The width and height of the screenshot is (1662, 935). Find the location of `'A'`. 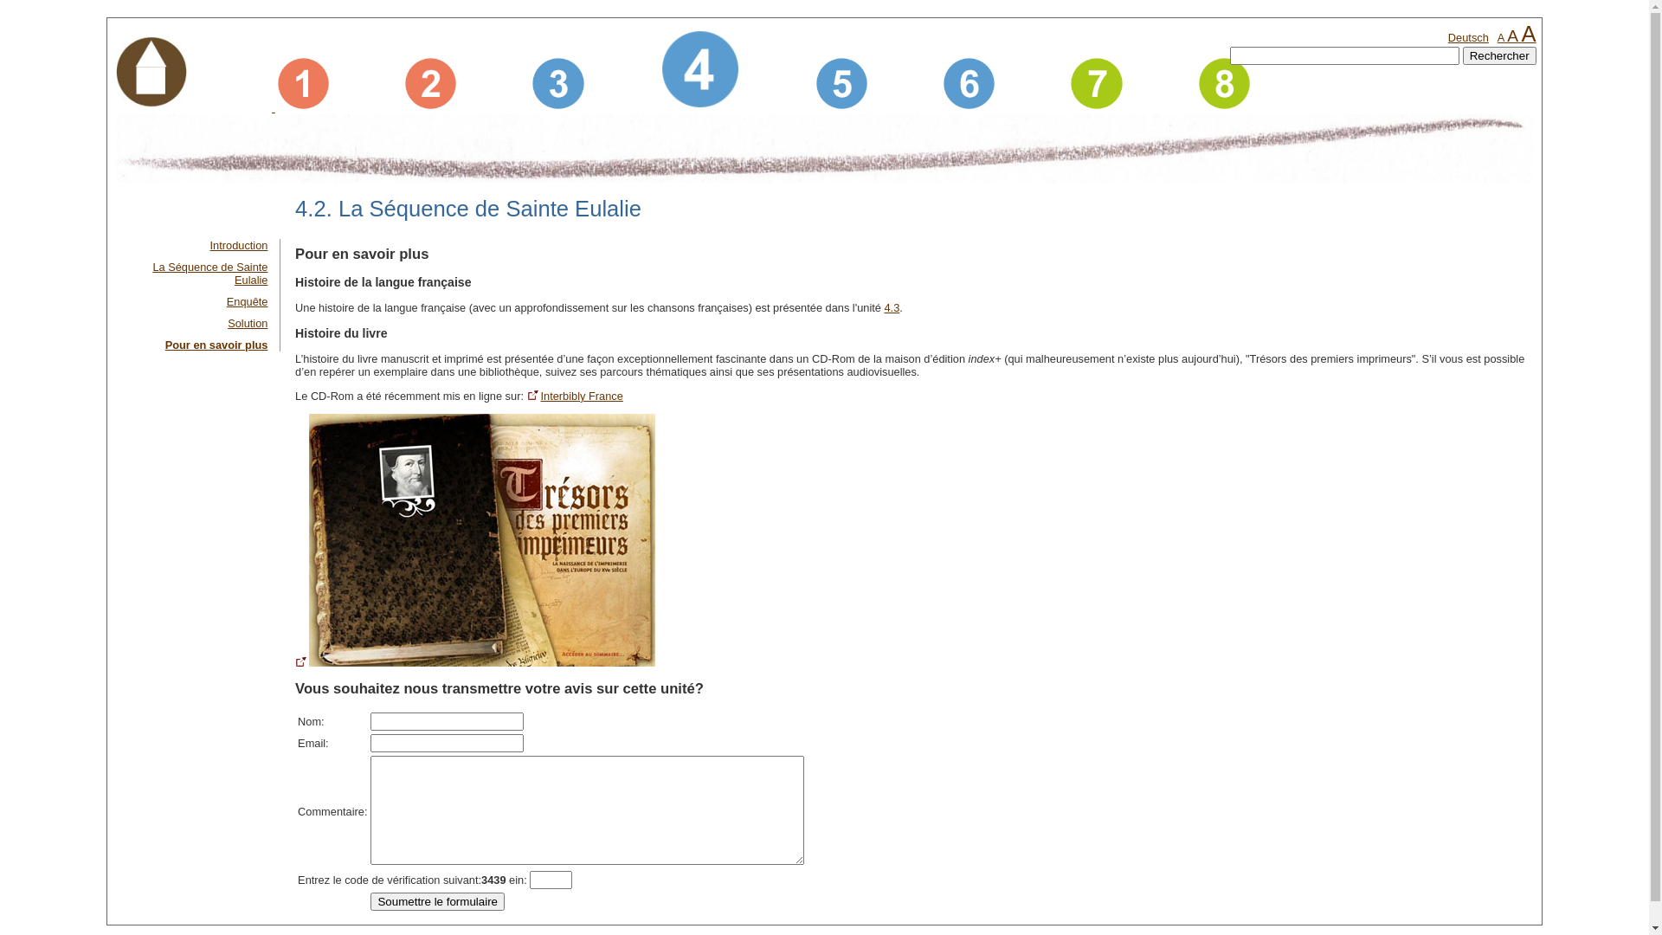

'A' is located at coordinates (1499, 37).